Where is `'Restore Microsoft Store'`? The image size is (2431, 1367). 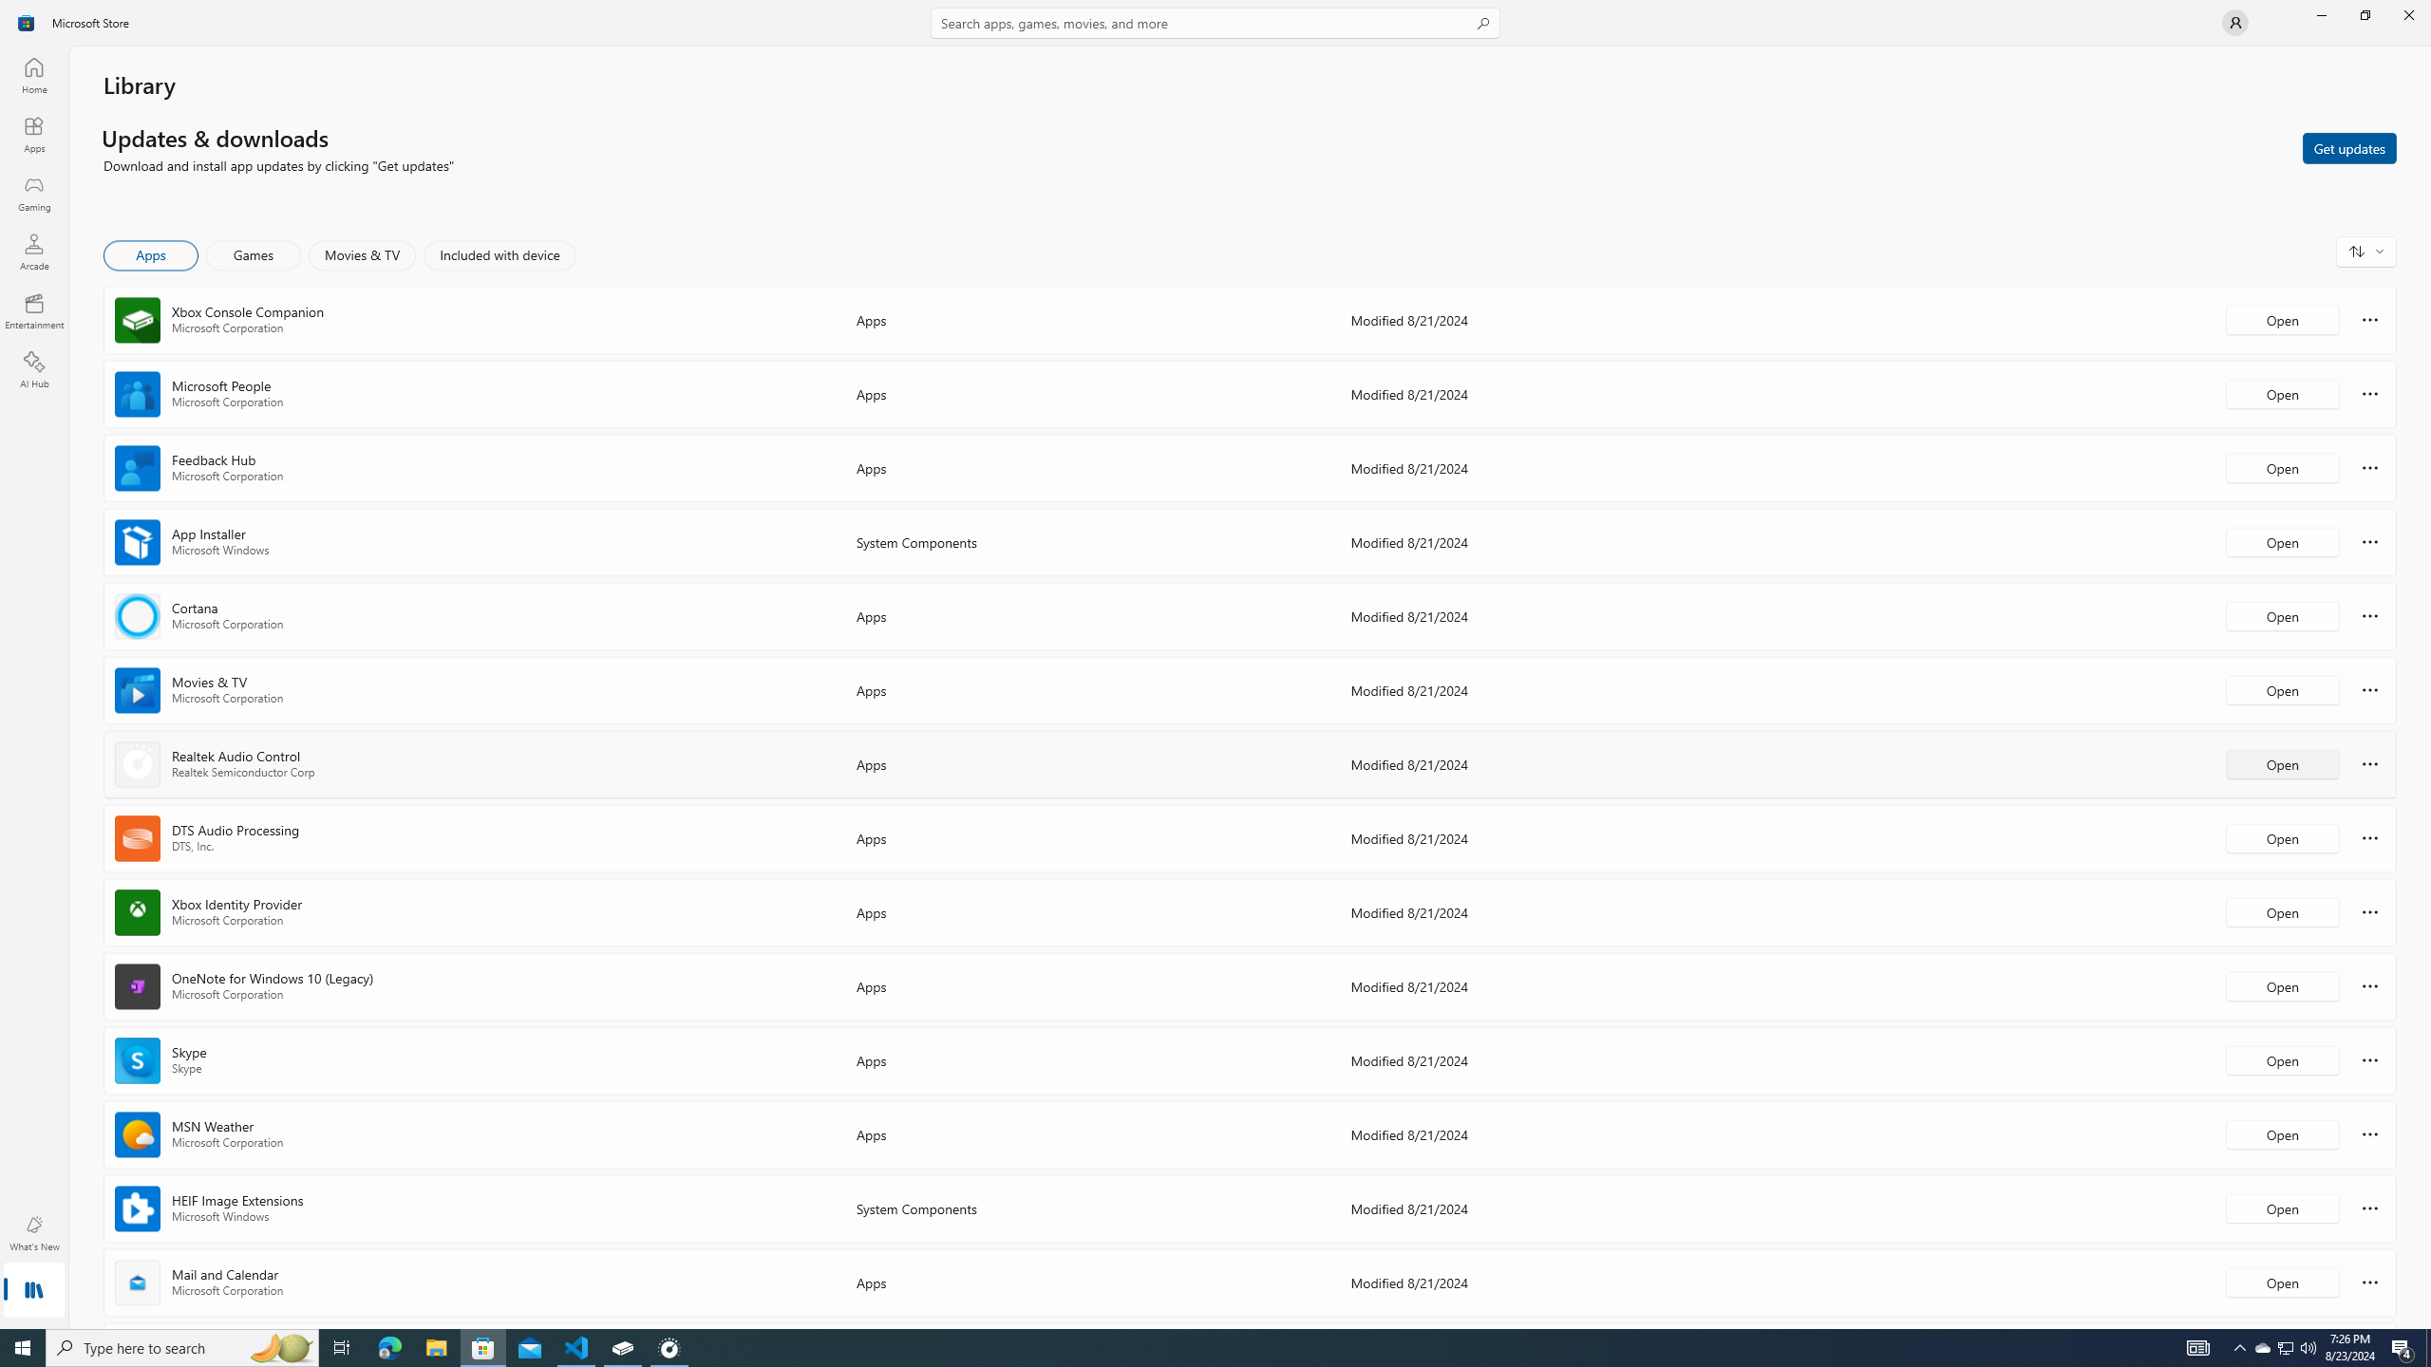 'Restore Microsoft Store' is located at coordinates (2365, 14).